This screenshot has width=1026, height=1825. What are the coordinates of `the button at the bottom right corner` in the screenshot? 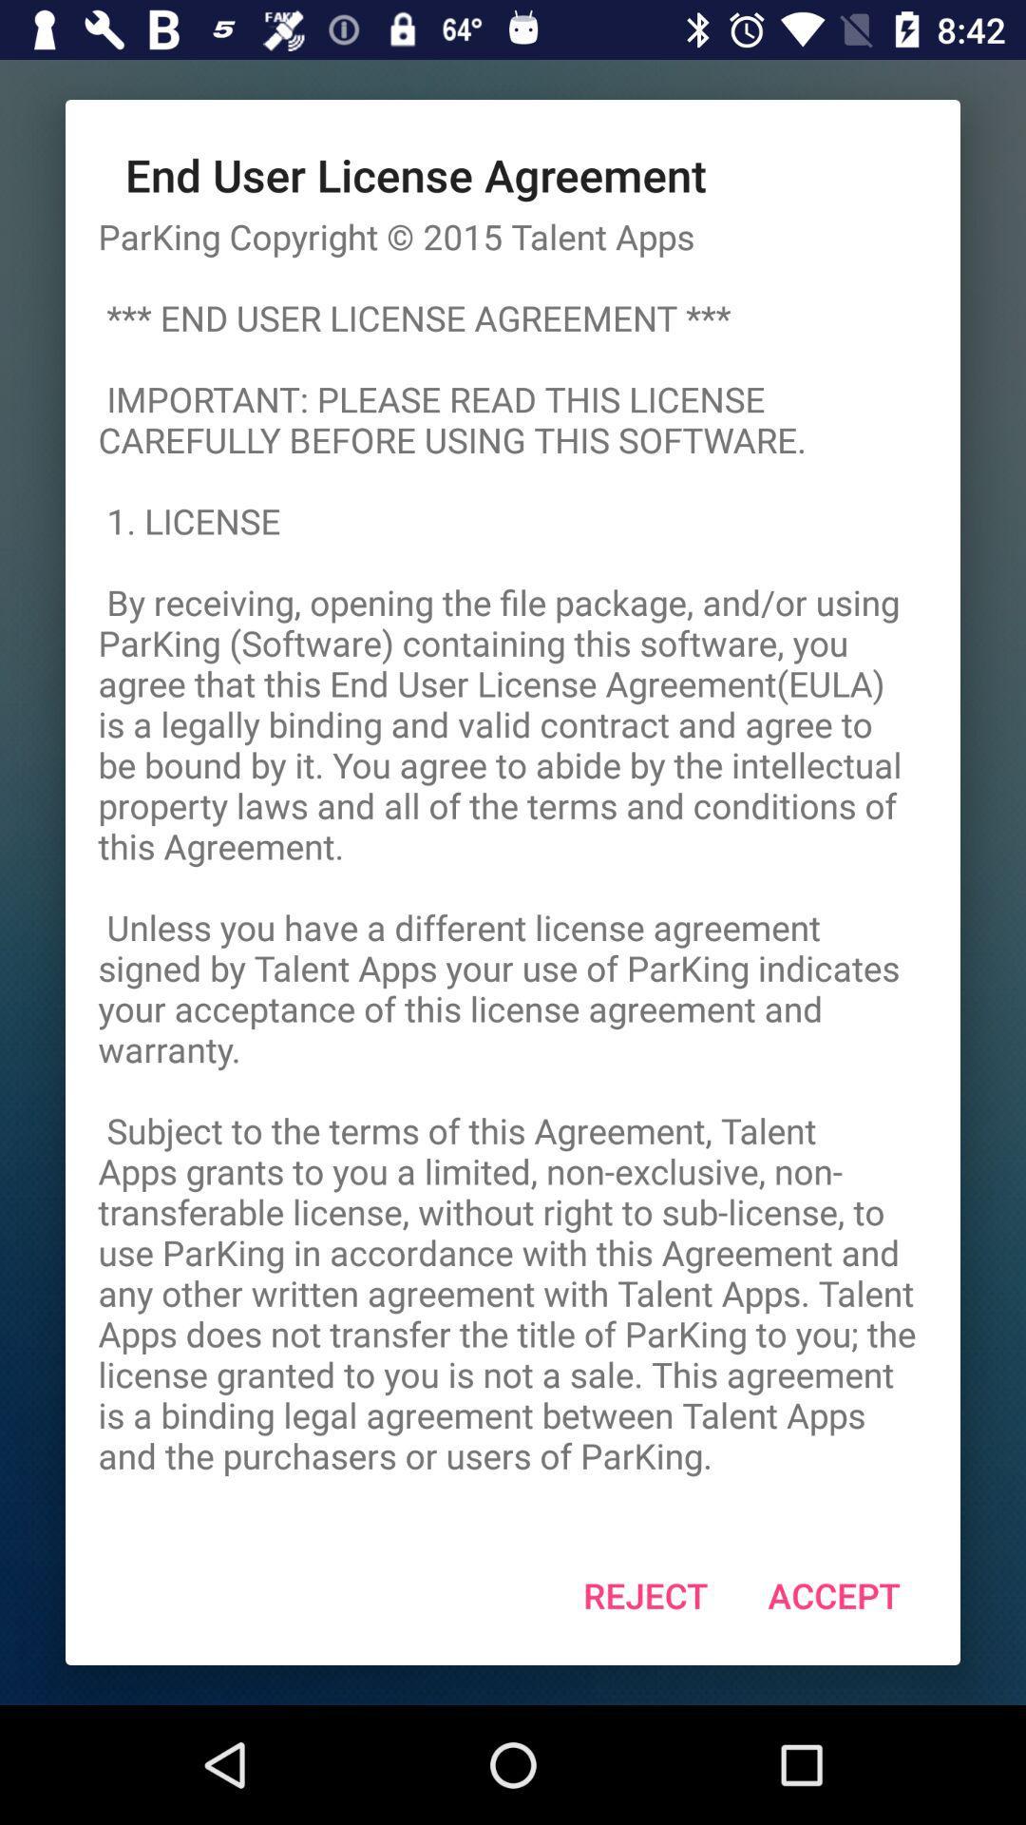 It's located at (833, 1595).